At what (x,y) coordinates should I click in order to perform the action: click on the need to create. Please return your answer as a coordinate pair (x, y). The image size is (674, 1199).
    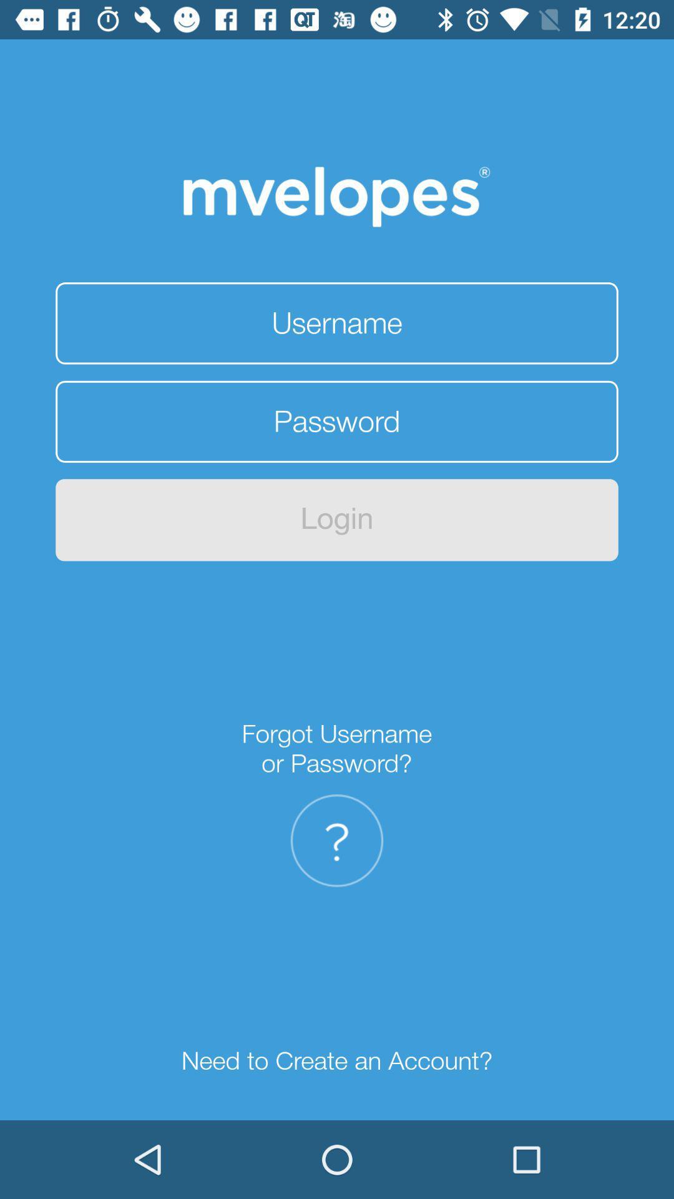
    Looking at the image, I should click on (337, 1060).